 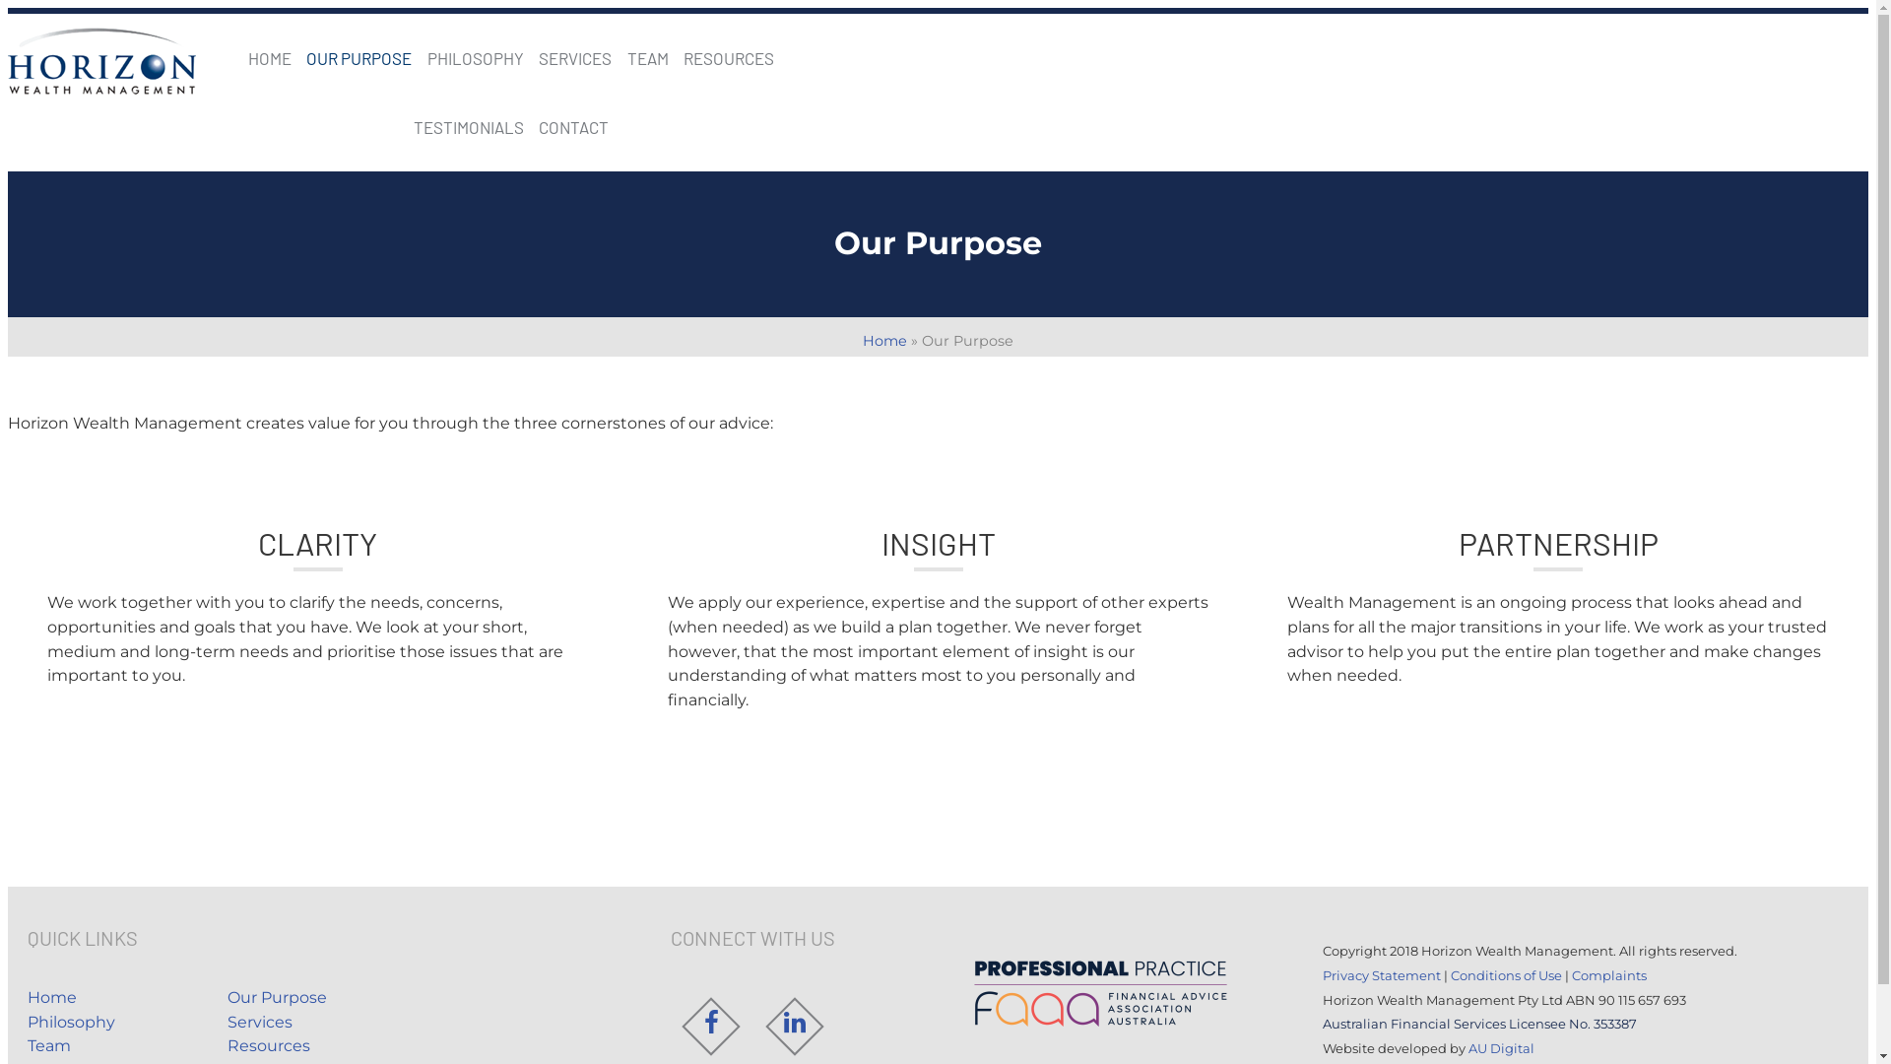 What do you see at coordinates (1380, 975) in the screenshot?
I see `'Privacy Statement'` at bounding box center [1380, 975].